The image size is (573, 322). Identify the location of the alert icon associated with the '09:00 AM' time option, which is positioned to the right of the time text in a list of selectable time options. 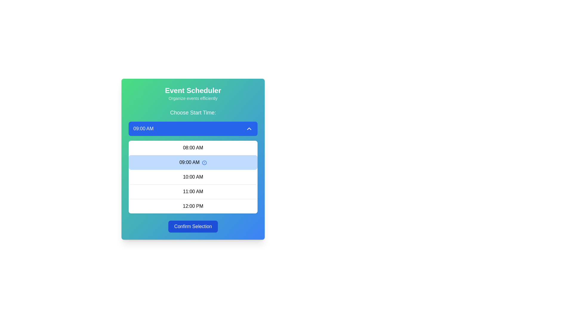
(204, 162).